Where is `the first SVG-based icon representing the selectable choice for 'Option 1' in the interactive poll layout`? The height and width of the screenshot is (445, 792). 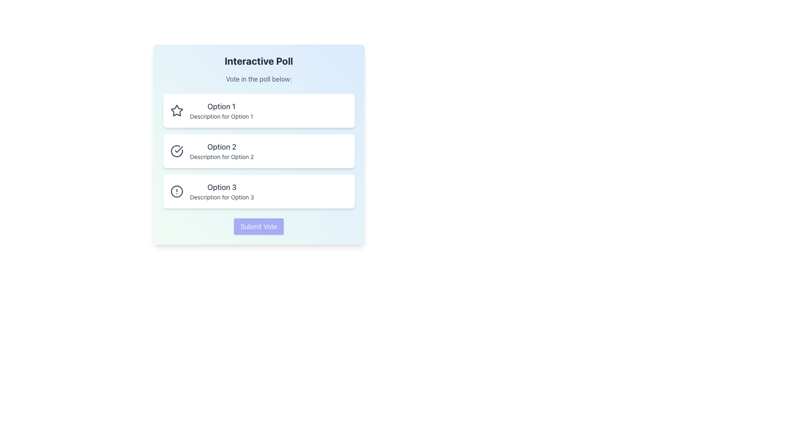
the first SVG-based icon representing the selectable choice for 'Option 1' in the interactive poll layout is located at coordinates (176, 110).